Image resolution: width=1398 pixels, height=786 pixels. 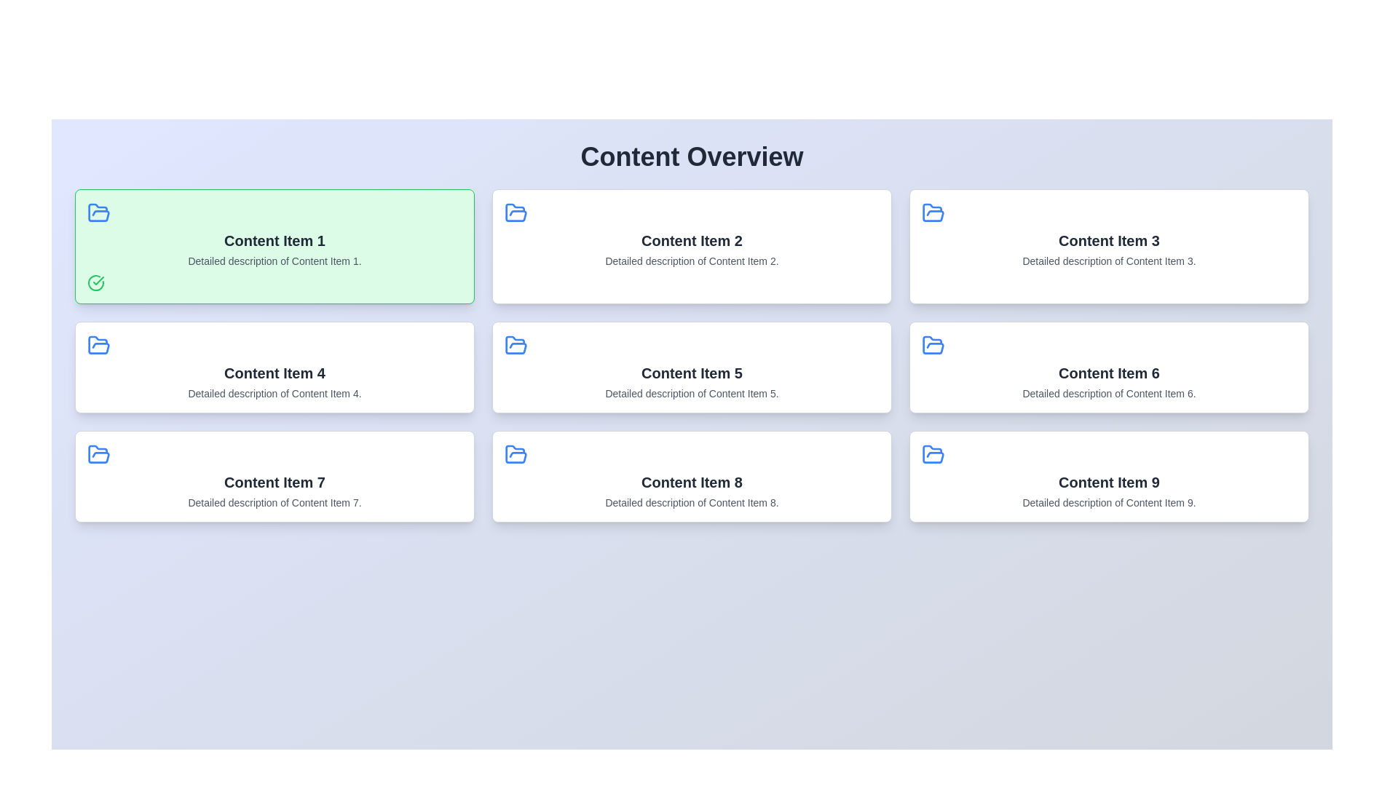 I want to click on the open folder icon located at the upper-left corner of the card labeled 'Content Item 4', so click(x=98, y=345).